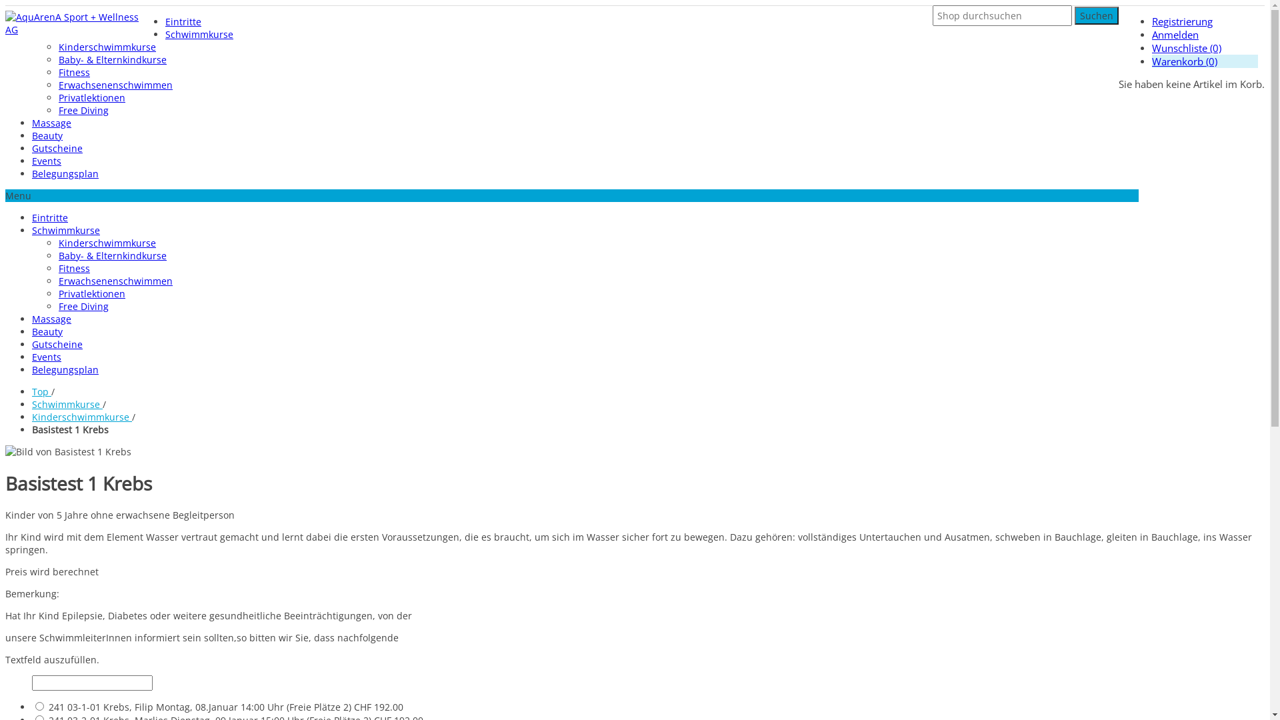 This screenshot has width=1280, height=720. Describe the element at coordinates (198, 33) in the screenshot. I see `'Schwimmkurse'` at that location.